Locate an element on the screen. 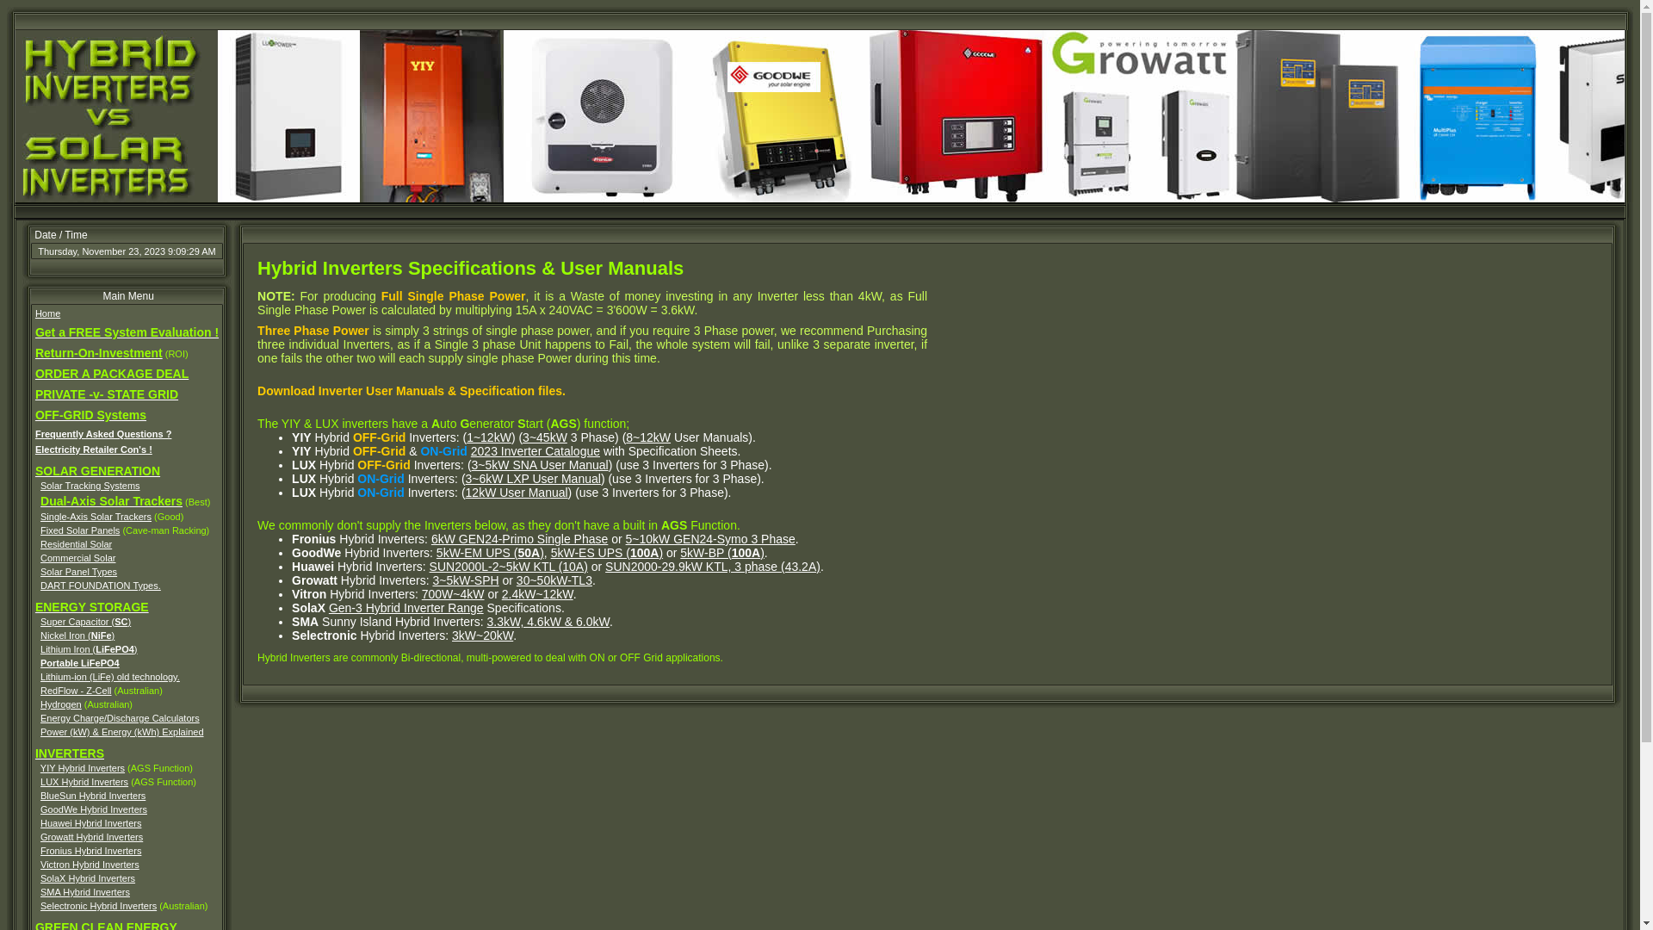  'Return-On-Investment' is located at coordinates (98, 353).